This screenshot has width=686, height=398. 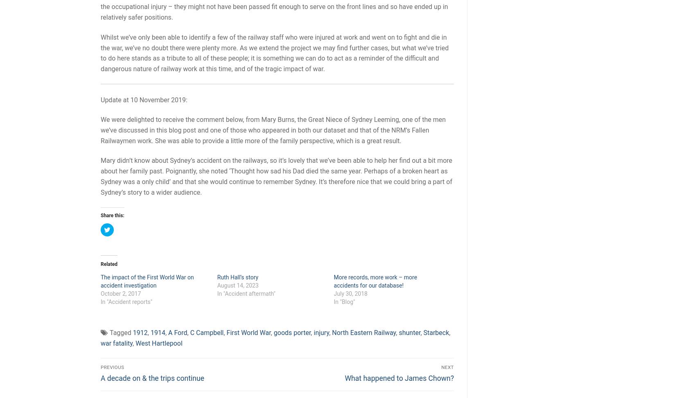 What do you see at coordinates (273, 130) in the screenshot?
I see `'We were delighted to receive the comment below, from Mary Burns, the Great Niece of Sydney Leeming, one of the men we’ve discussed in this blog post and one of those who appeared in both our dataset and that of the NRM’s Fallen Railwaymen work. She was able to provide a little more of the family perspective, which is a great result.'` at bounding box center [273, 130].